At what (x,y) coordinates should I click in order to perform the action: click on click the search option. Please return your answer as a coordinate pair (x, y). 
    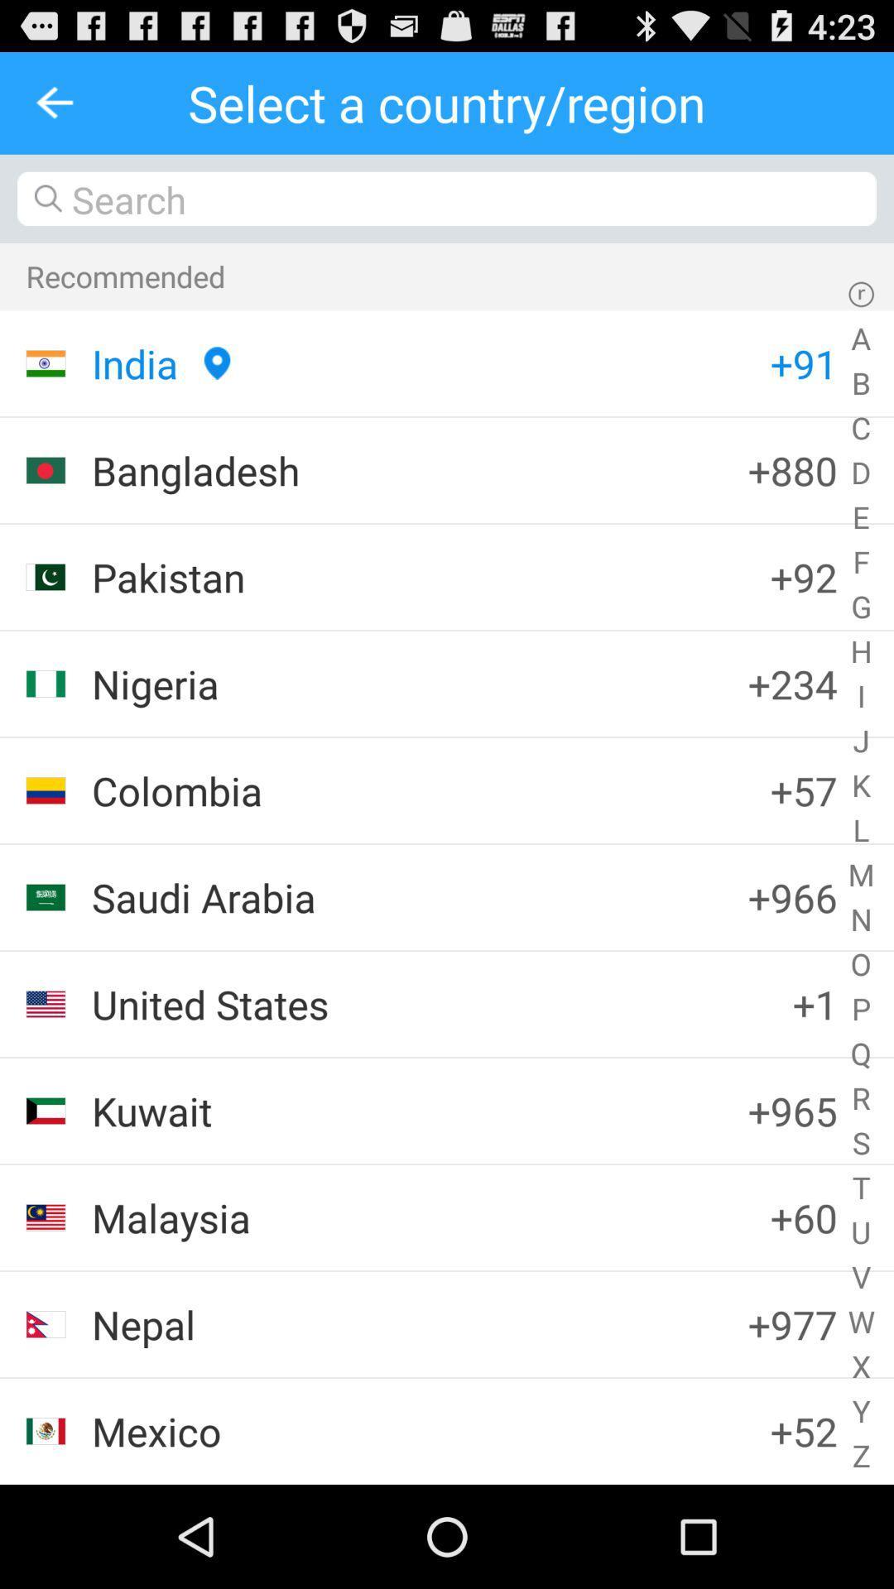
    Looking at the image, I should click on (447, 199).